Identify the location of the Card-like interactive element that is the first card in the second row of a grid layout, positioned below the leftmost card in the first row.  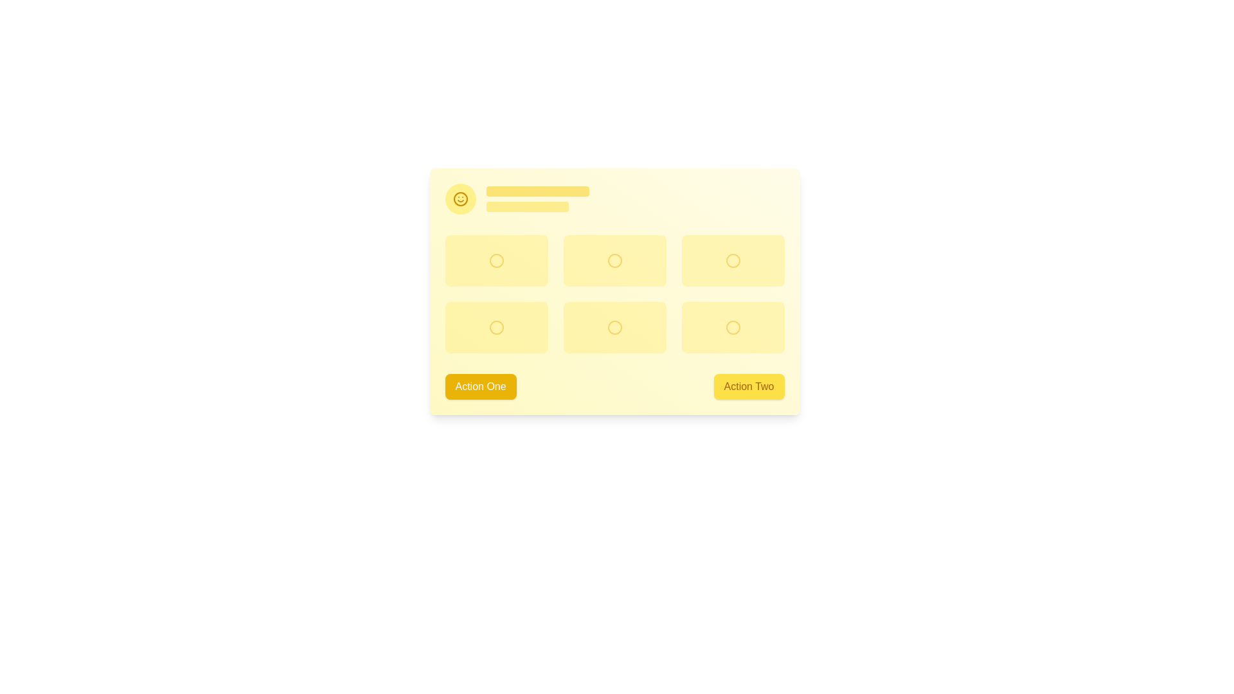
(496, 326).